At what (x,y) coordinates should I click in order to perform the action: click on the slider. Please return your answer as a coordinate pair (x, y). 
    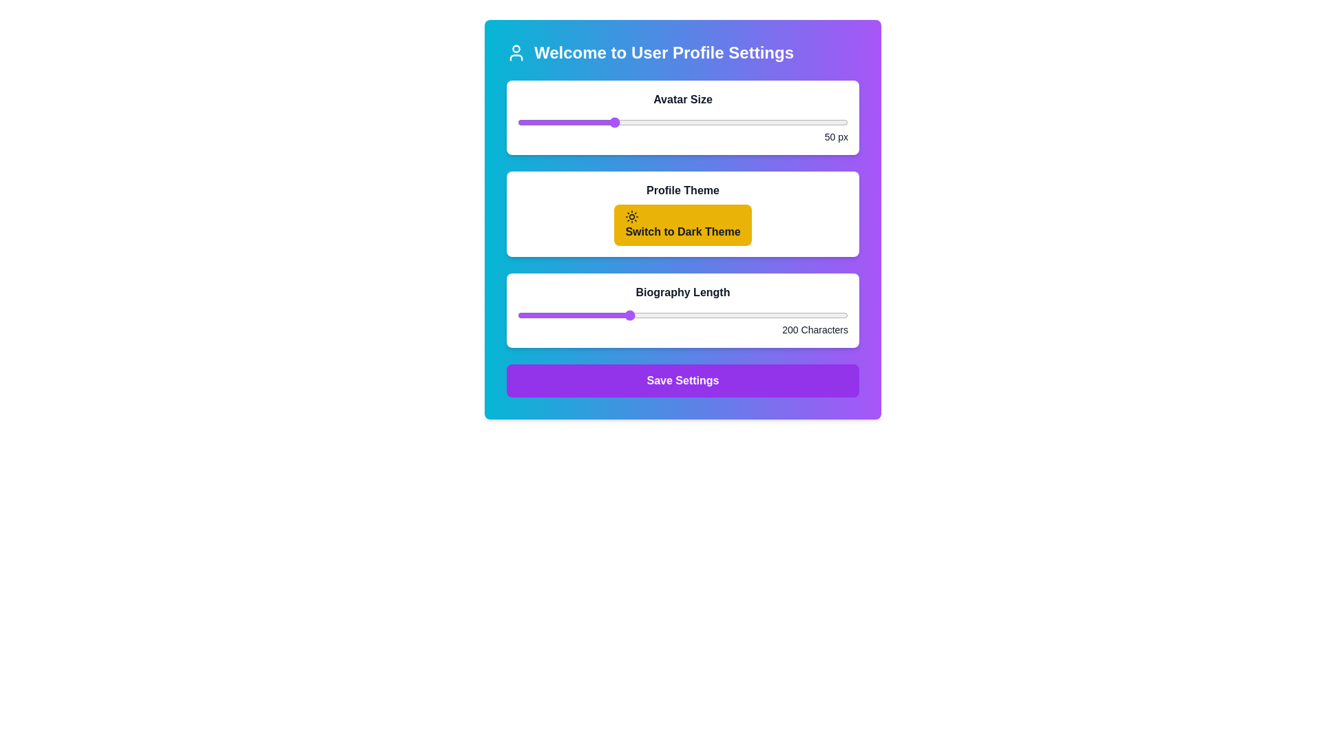
    Looking at the image, I should click on (630, 121).